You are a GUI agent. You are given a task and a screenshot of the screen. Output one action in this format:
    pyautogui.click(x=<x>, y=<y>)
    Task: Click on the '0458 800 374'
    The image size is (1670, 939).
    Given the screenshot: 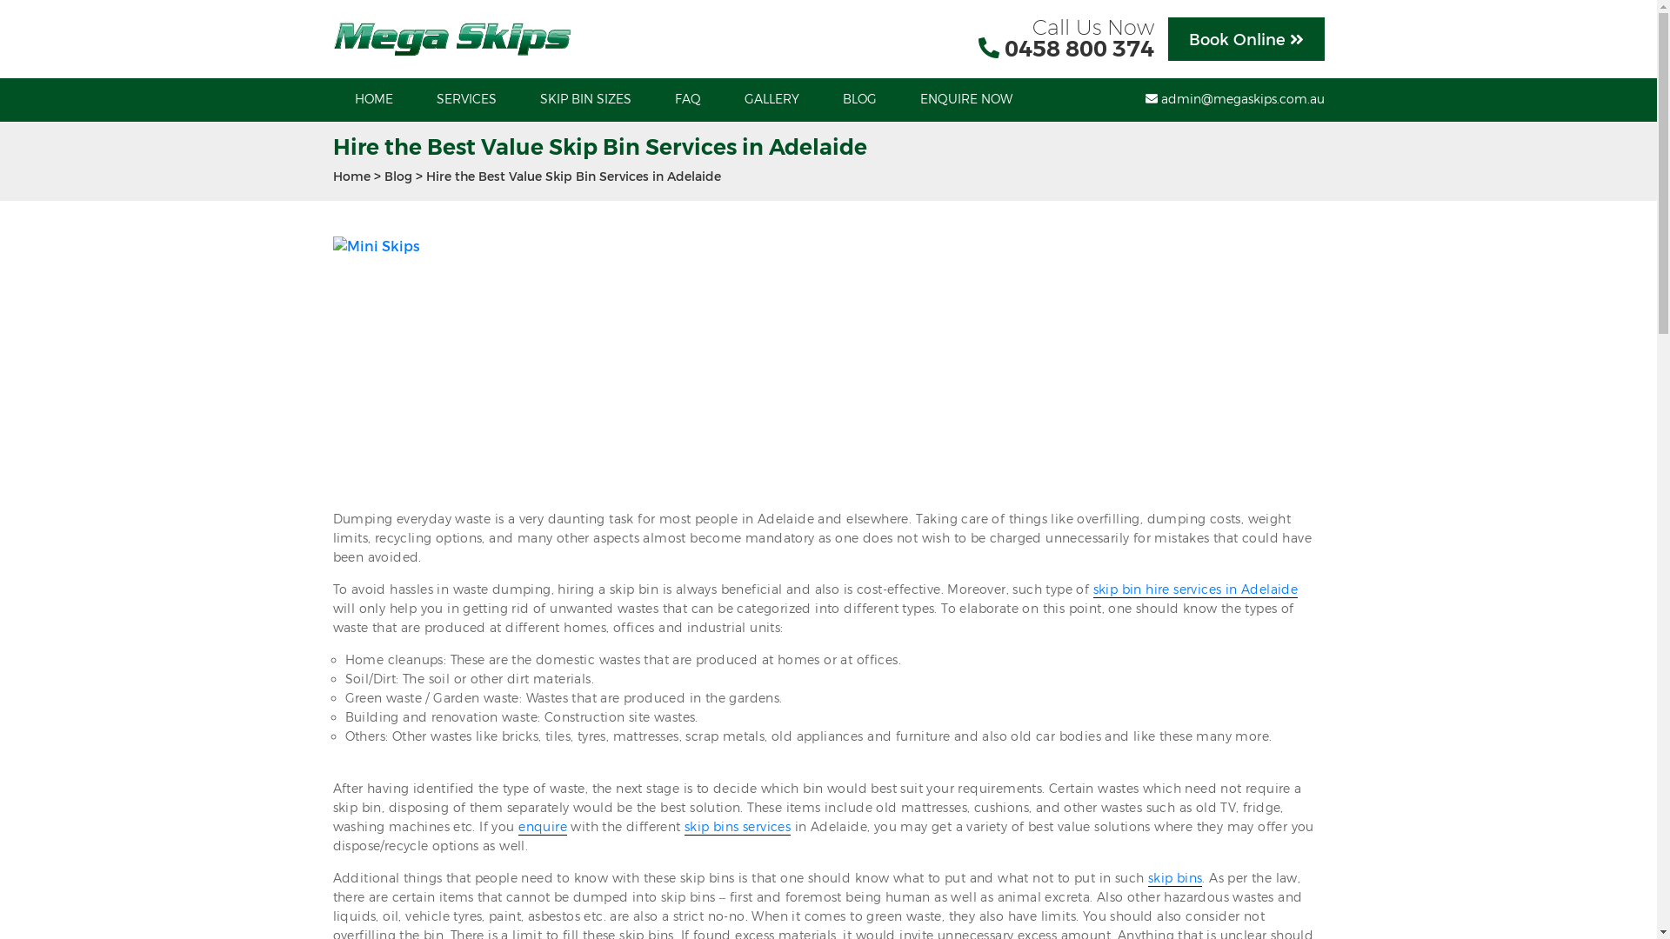 What is the action you would take?
    pyautogui.click(x=1077, y=48)
    